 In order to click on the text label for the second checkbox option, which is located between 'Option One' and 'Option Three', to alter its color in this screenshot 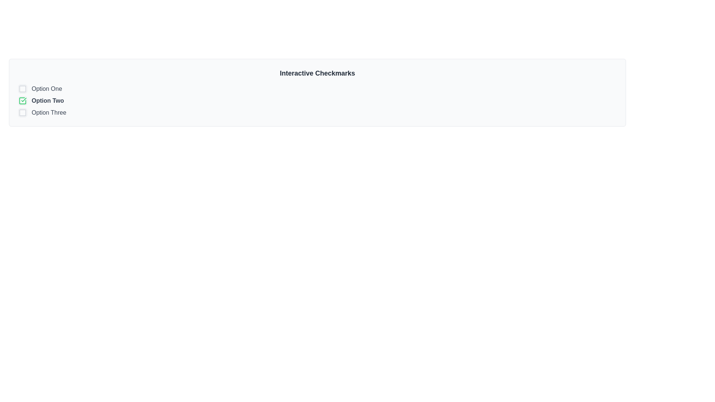, I will do `click(47, 100)`.